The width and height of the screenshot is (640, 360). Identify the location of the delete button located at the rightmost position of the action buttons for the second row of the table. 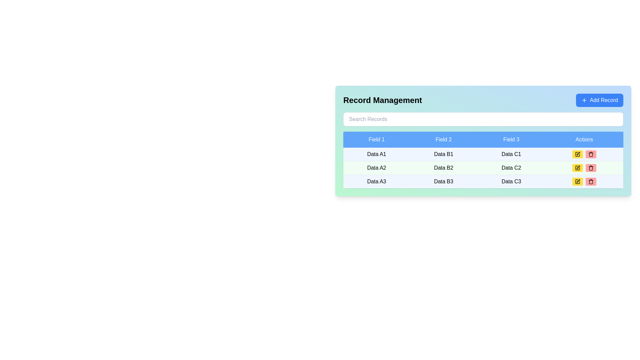
(591, 168).